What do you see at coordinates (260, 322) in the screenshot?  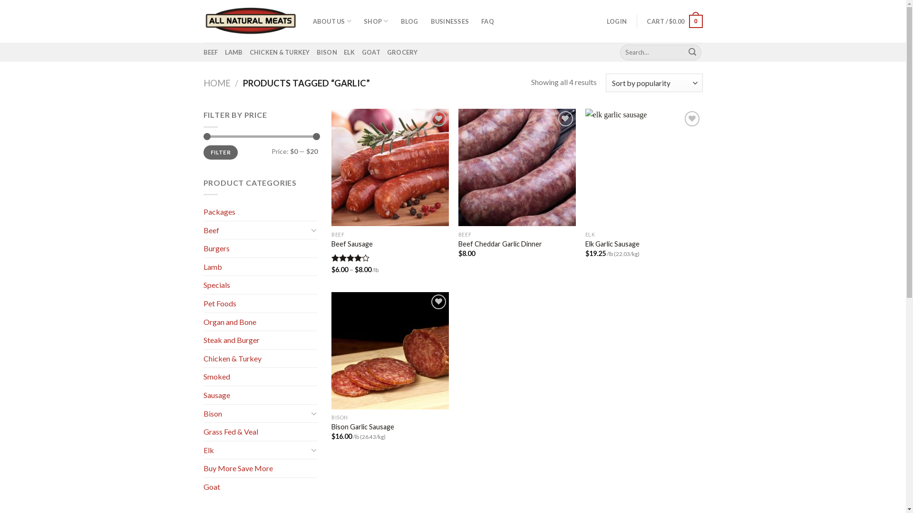 I see `'Organ and Bone'` at bounding box center [260, 322].